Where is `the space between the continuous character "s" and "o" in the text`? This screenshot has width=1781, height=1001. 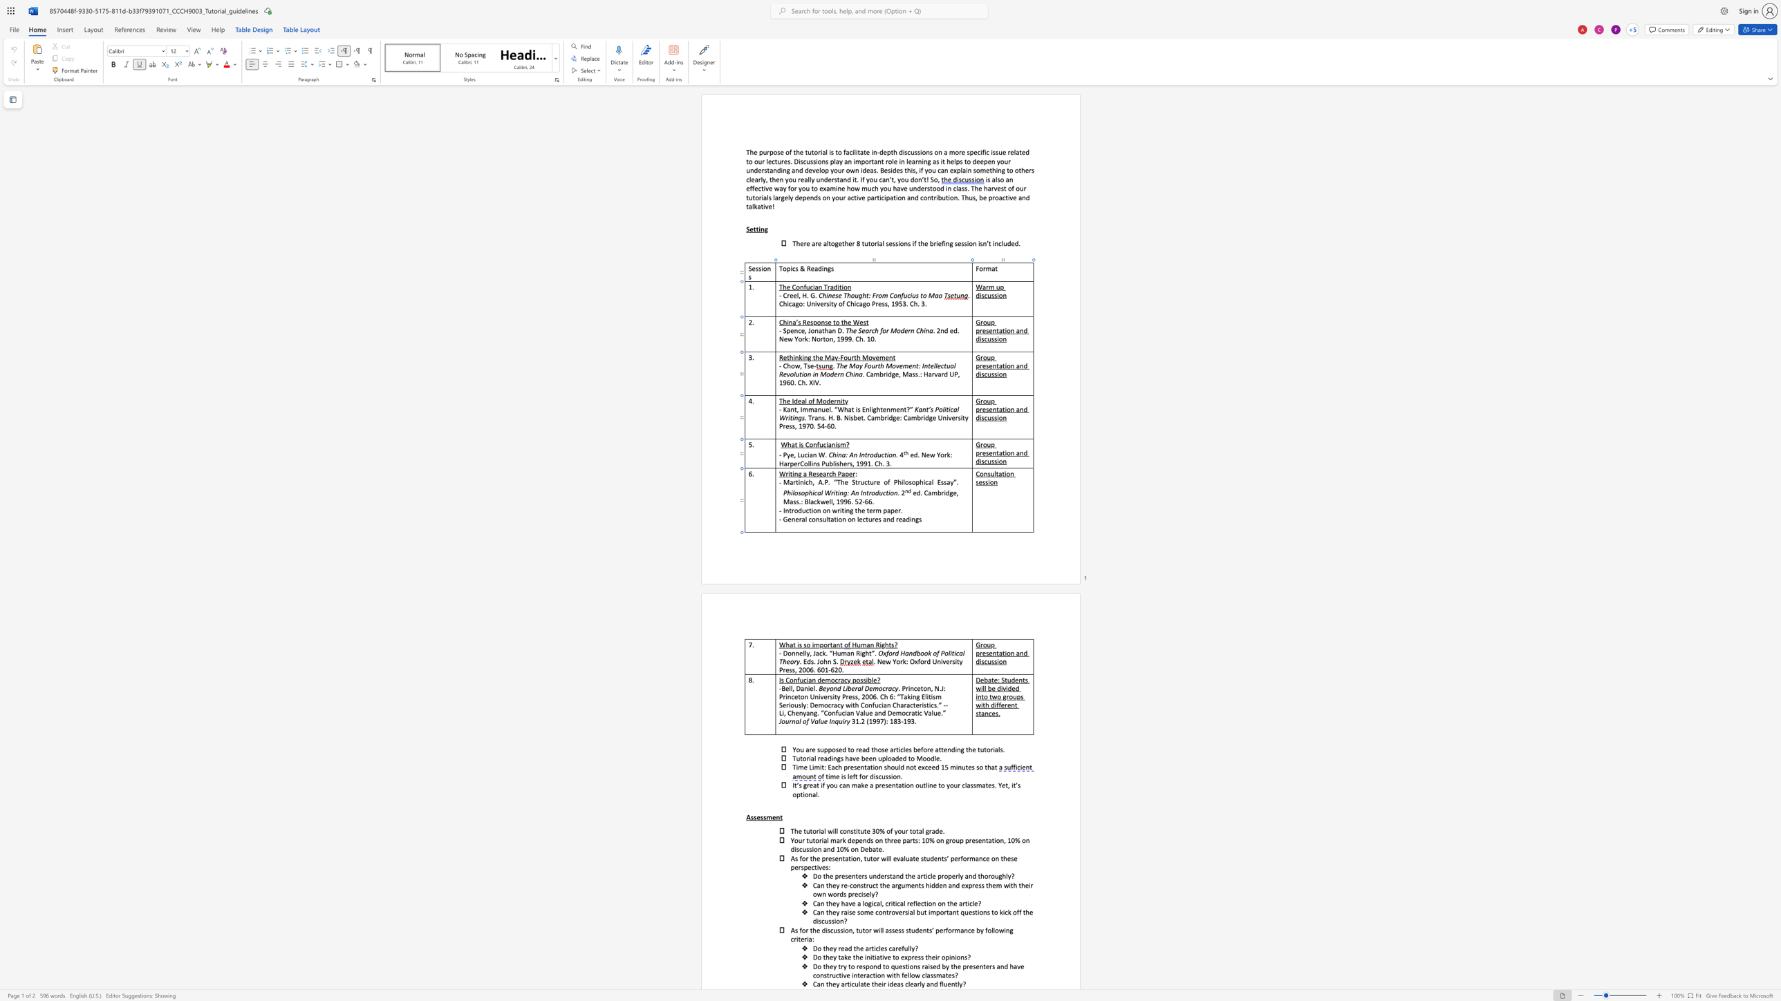
the space between the continuous character "s" and "o" in the text is located at coordinates (800, 492).